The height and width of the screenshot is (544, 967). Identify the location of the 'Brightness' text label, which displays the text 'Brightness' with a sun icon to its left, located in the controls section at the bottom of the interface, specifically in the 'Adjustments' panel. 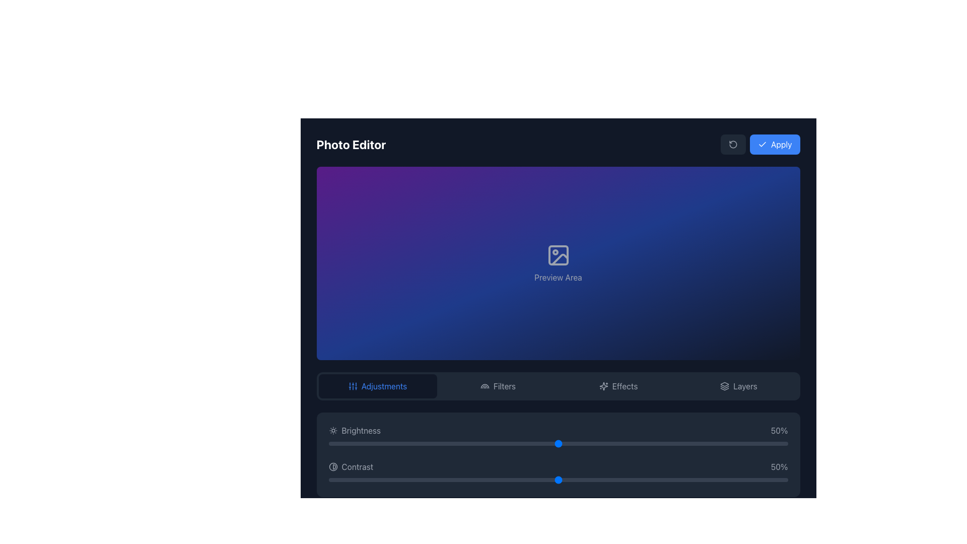
(355, 431).